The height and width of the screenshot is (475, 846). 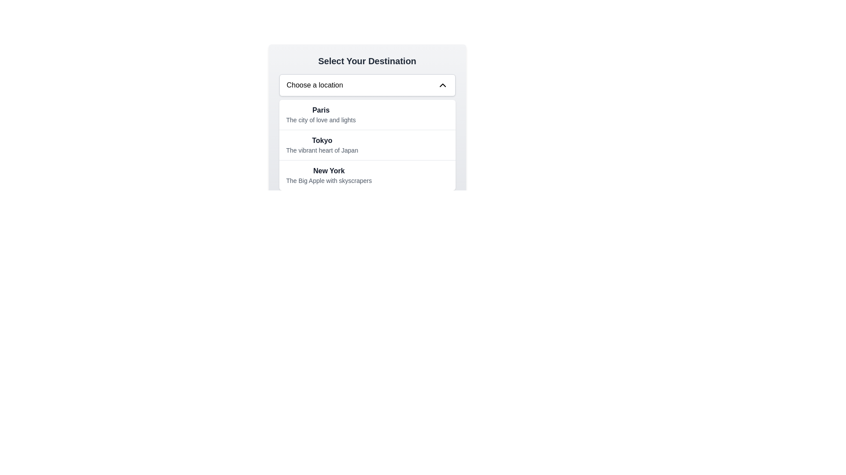 What do you see at coordinates (322, 150) in the screenshot?
I see `the text element that reads 'The vibrant heart of Japan', which is styled in gray and located directly beneath the title 'Tokyo' in the list of selectable destinations` at bounding box center [322, 150].